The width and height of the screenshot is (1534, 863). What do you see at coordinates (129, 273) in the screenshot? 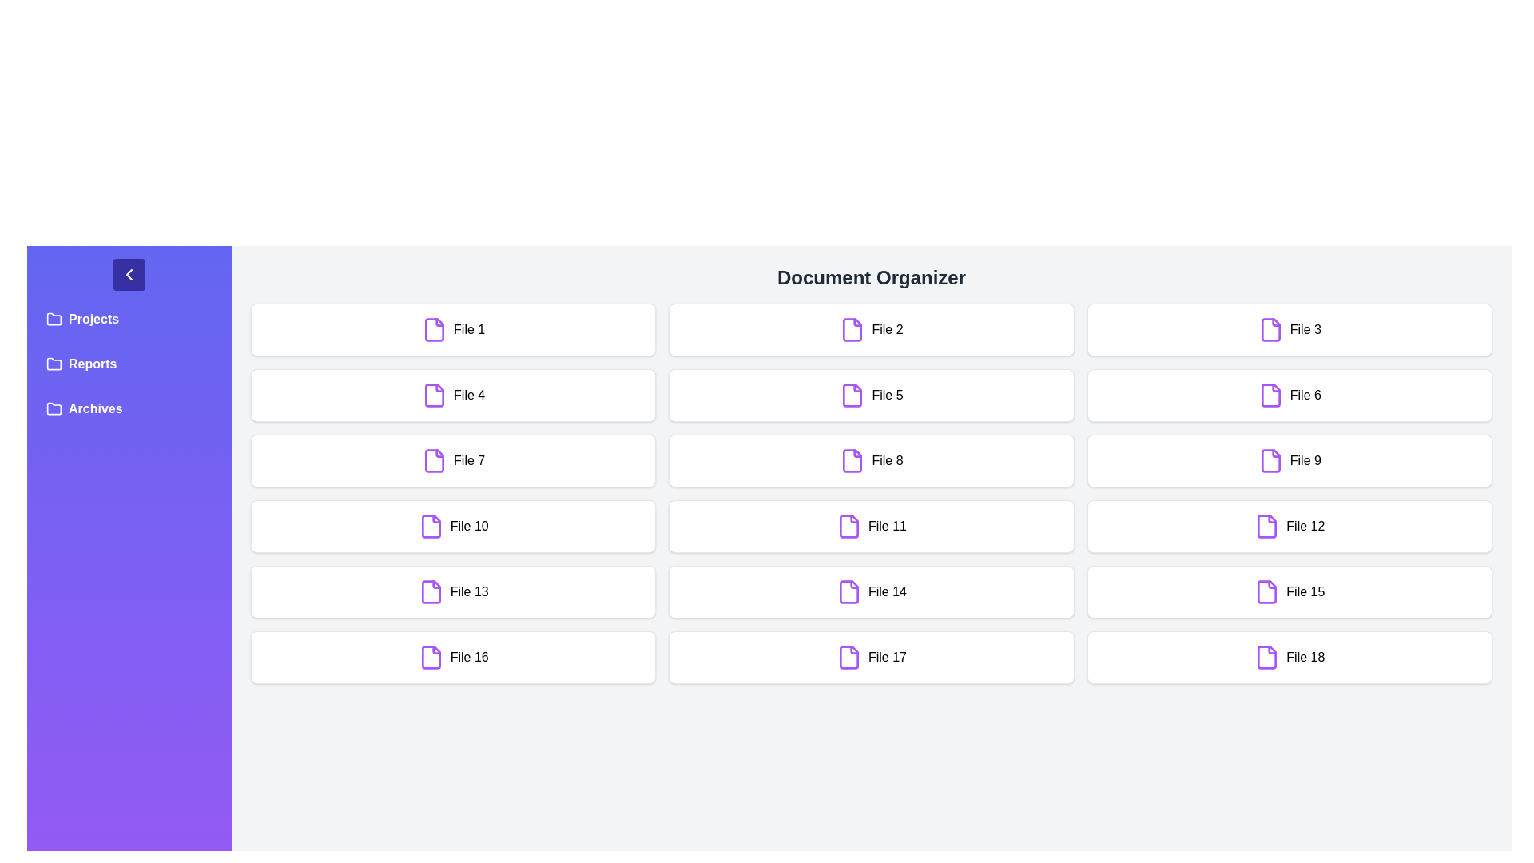
I see `toggle button in the sidebar to change its visibility` at bounding box center [129, 273].